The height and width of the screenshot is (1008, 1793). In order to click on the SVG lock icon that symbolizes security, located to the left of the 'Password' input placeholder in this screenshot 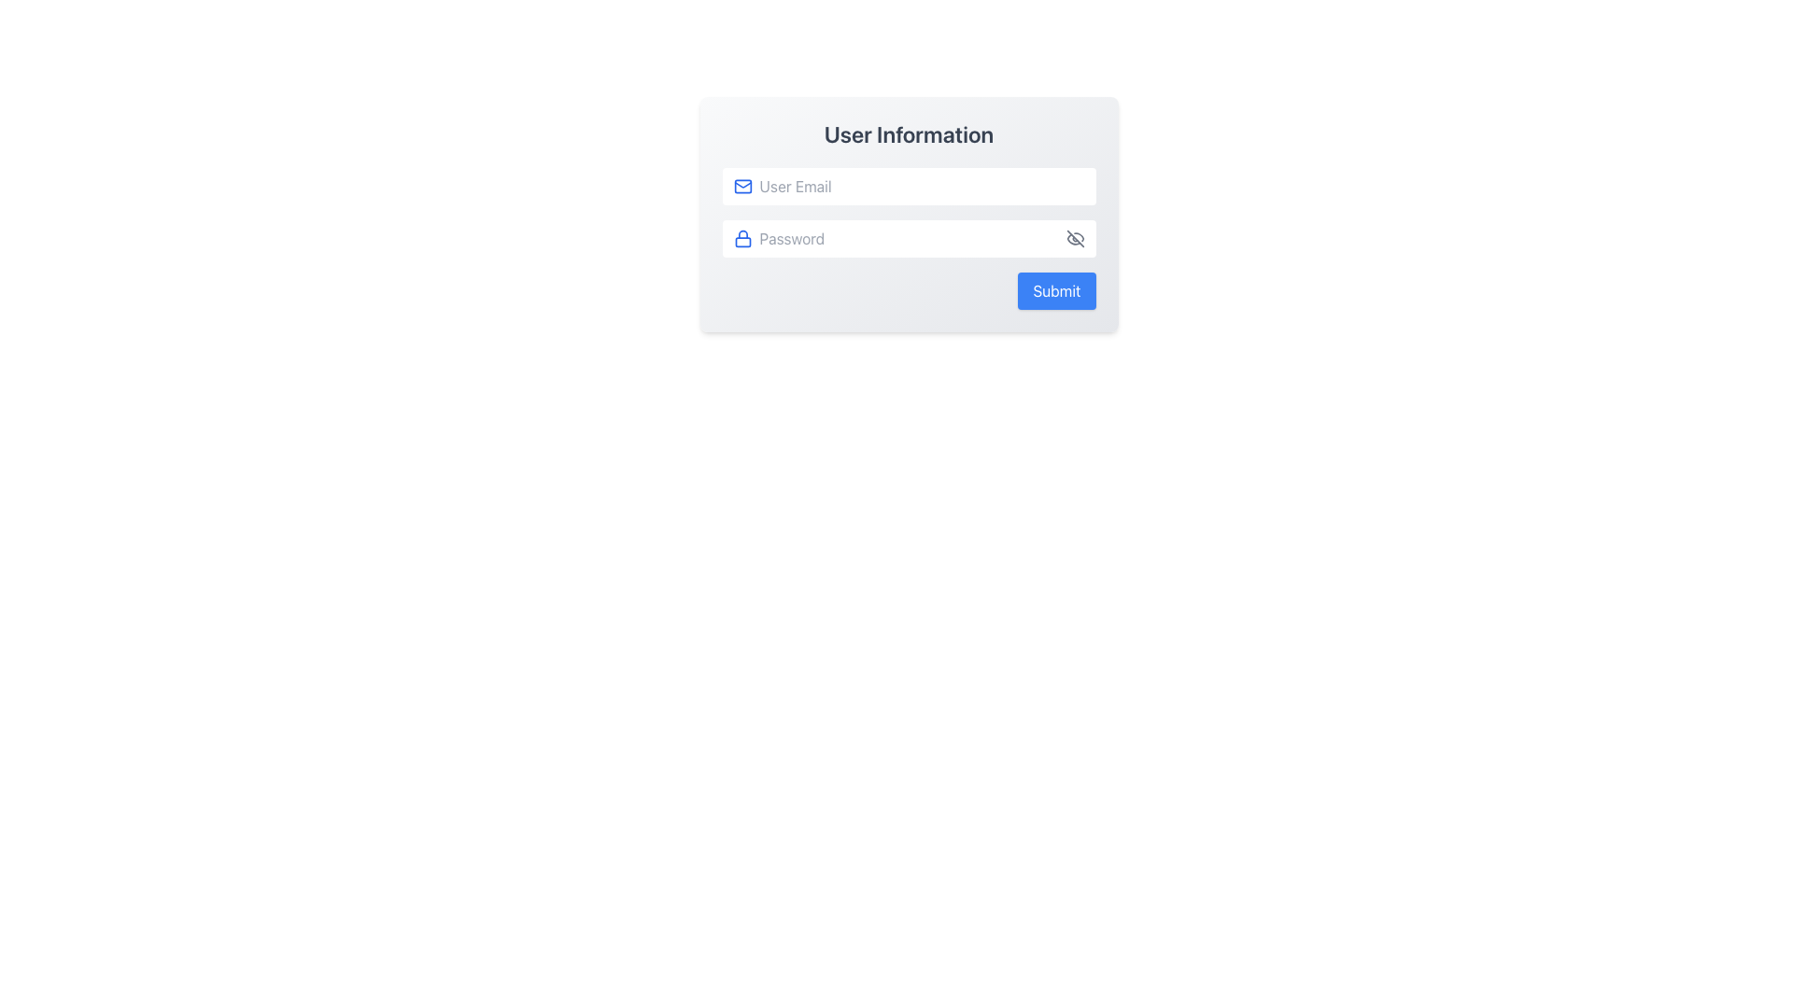, I will do `click(741, 237)`.